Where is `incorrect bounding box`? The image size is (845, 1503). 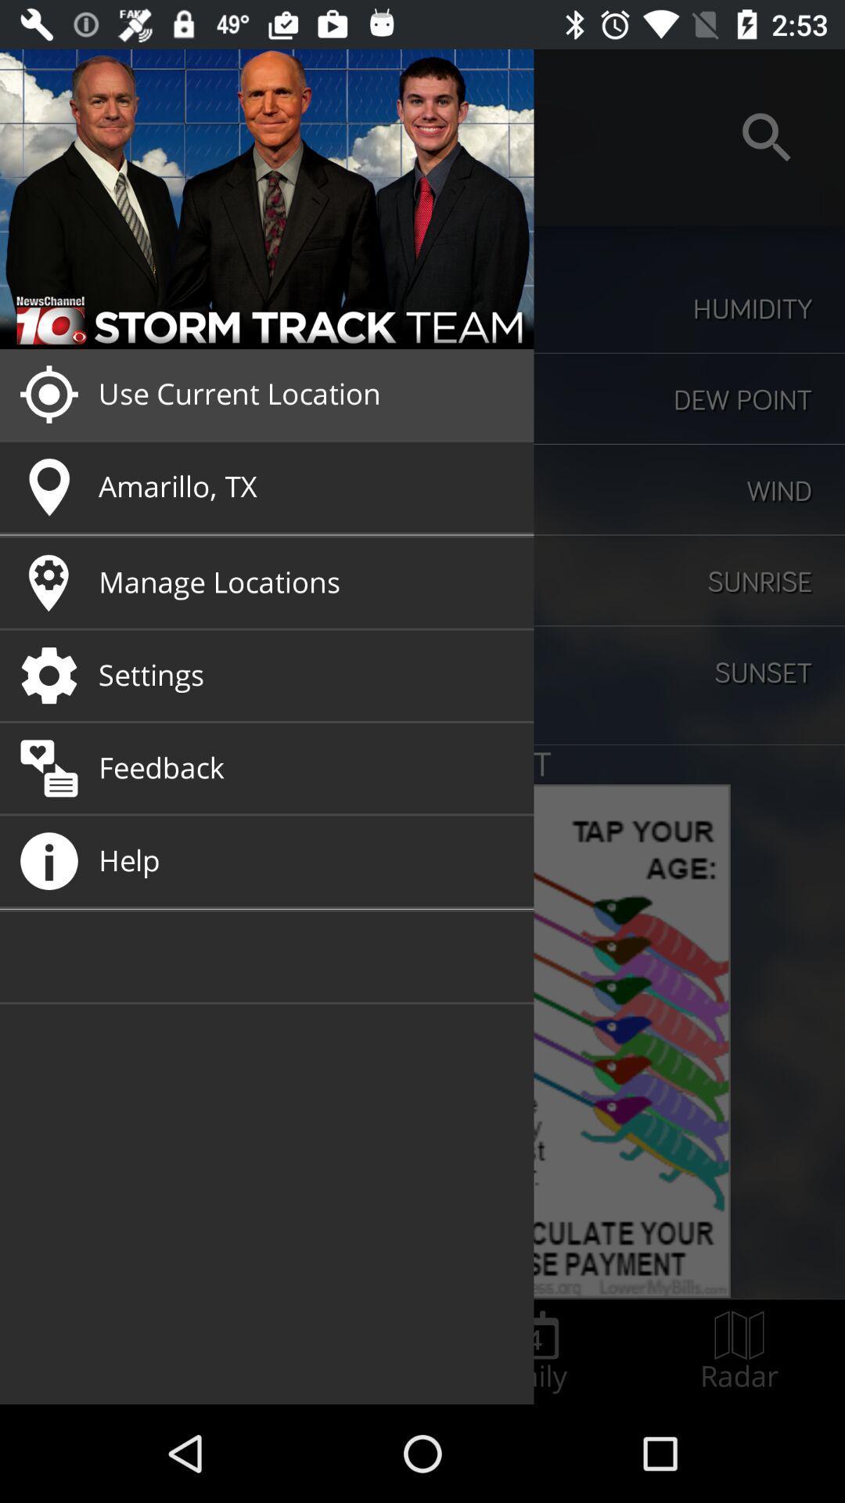 incorrect bounding box is located at coordinates (534, 1351).